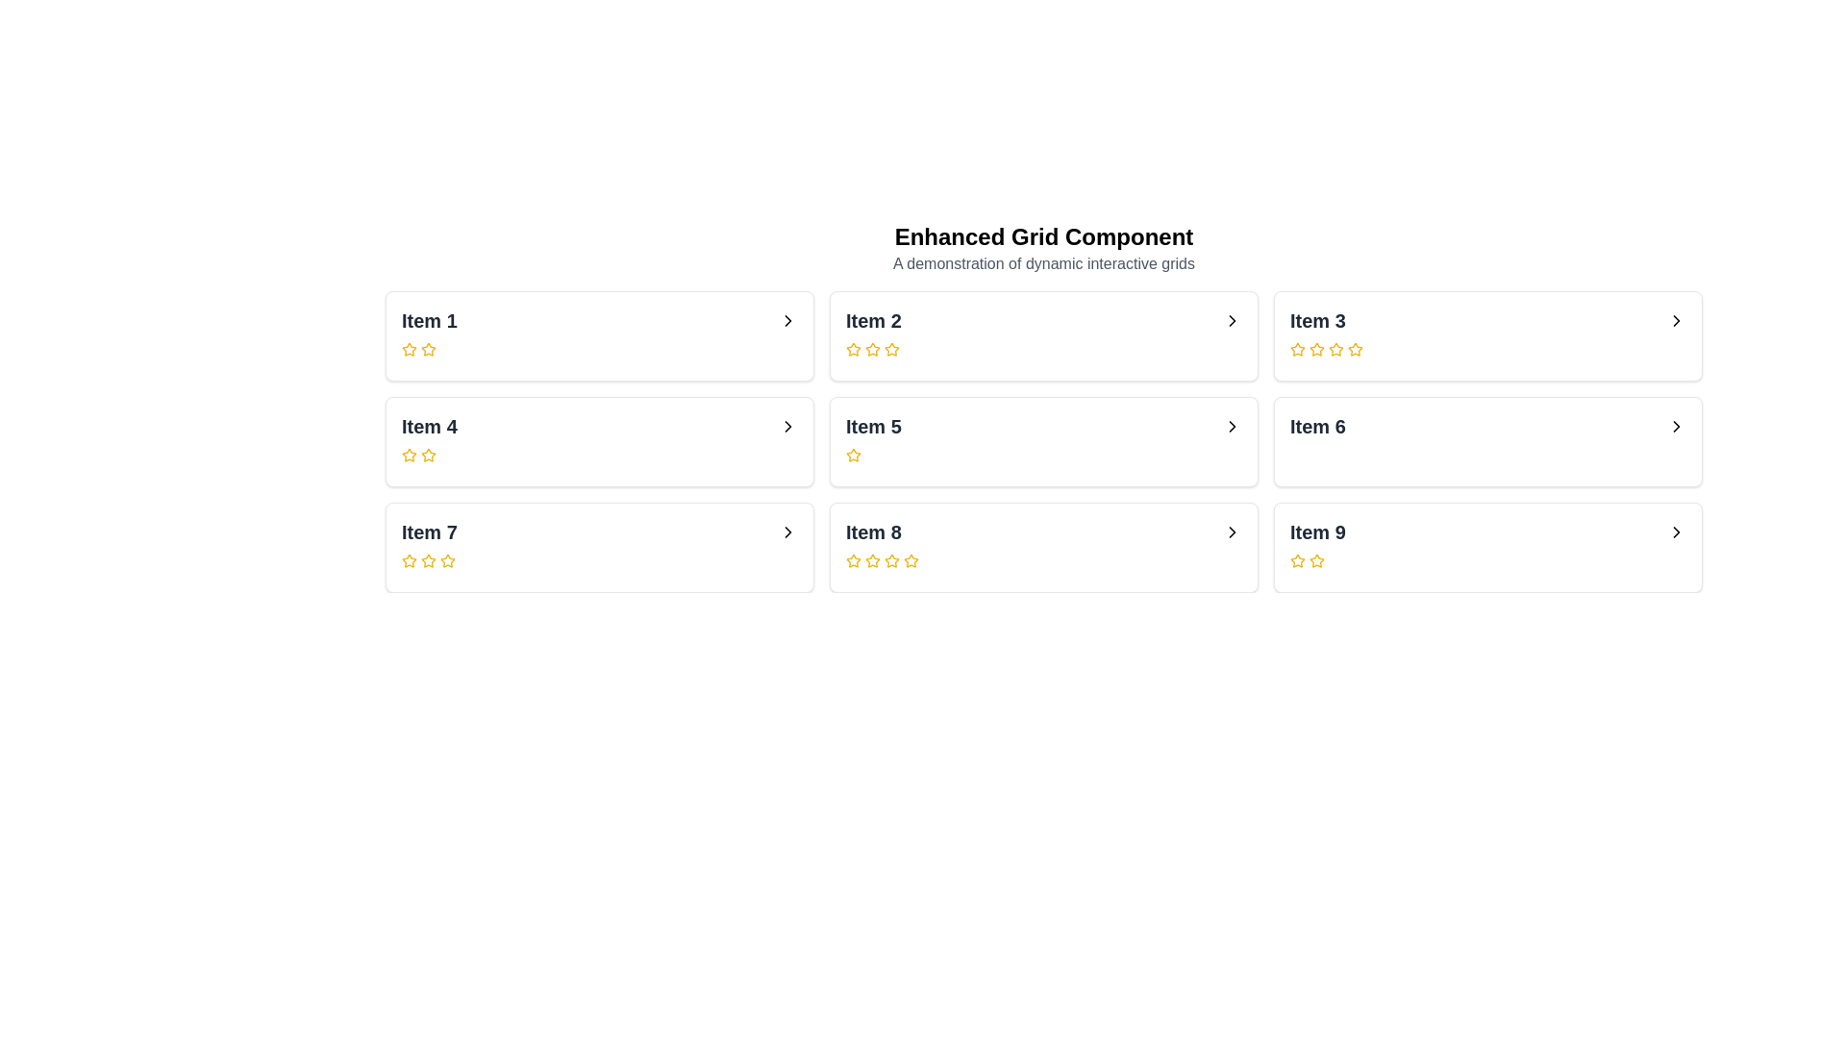  What do you see at coordinates (1042, 235) in the screenshot?
I see `the text label 'Enhanced Grid Component' which is prominently displayed at the top center of the layout, styled in bold and larger font` at bounding box center [1042, 235].